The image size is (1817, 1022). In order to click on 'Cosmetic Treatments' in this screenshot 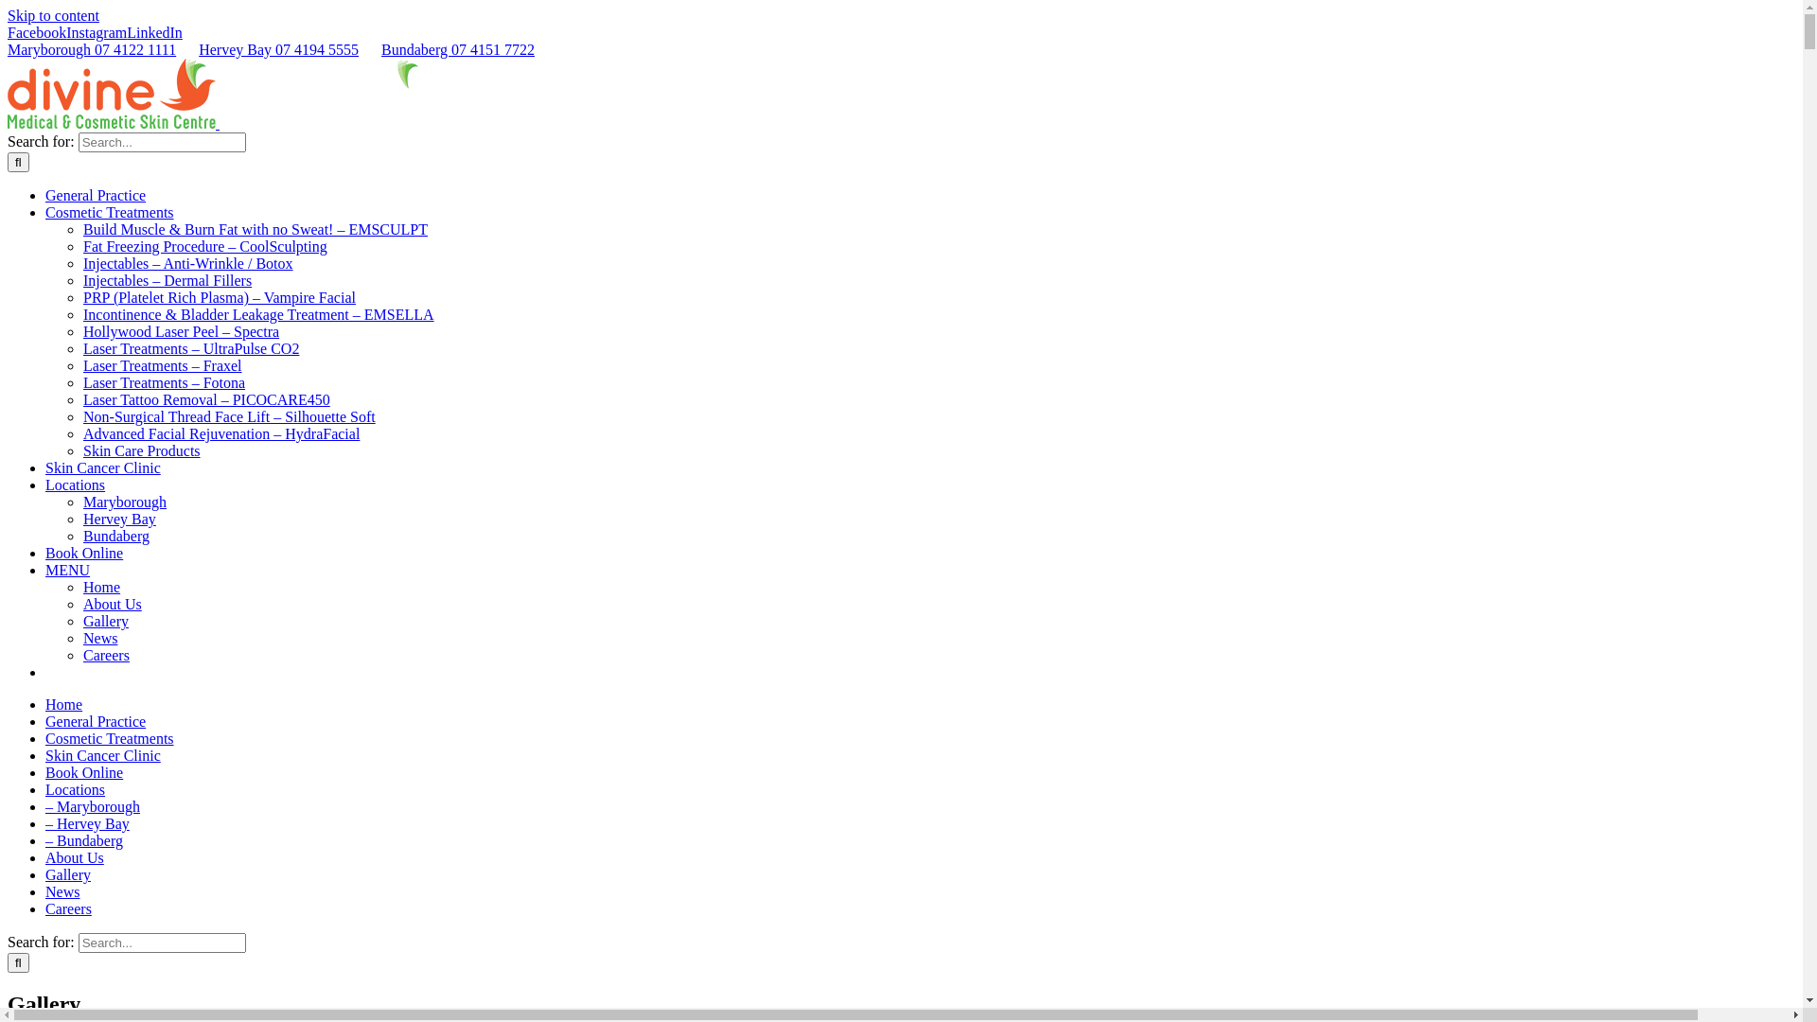, I will do `click(108, 212)`.